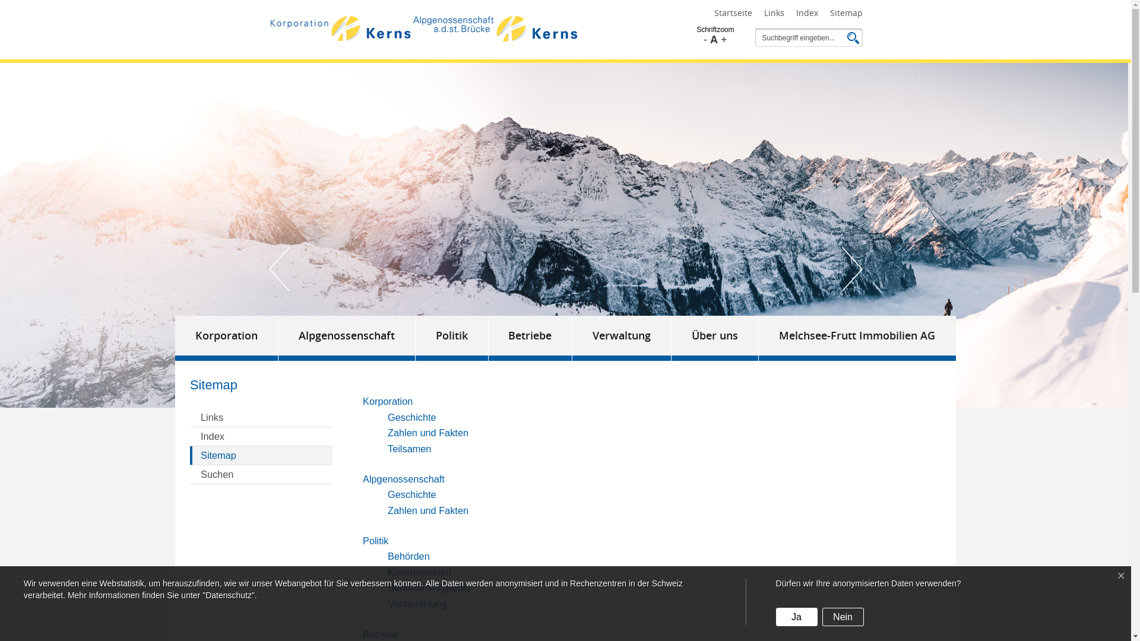 The width and height of the screenshot is (1140, 641). Describe the element at coordinates (797, 616) in the screenshot. I see `'Ja'` at that location.